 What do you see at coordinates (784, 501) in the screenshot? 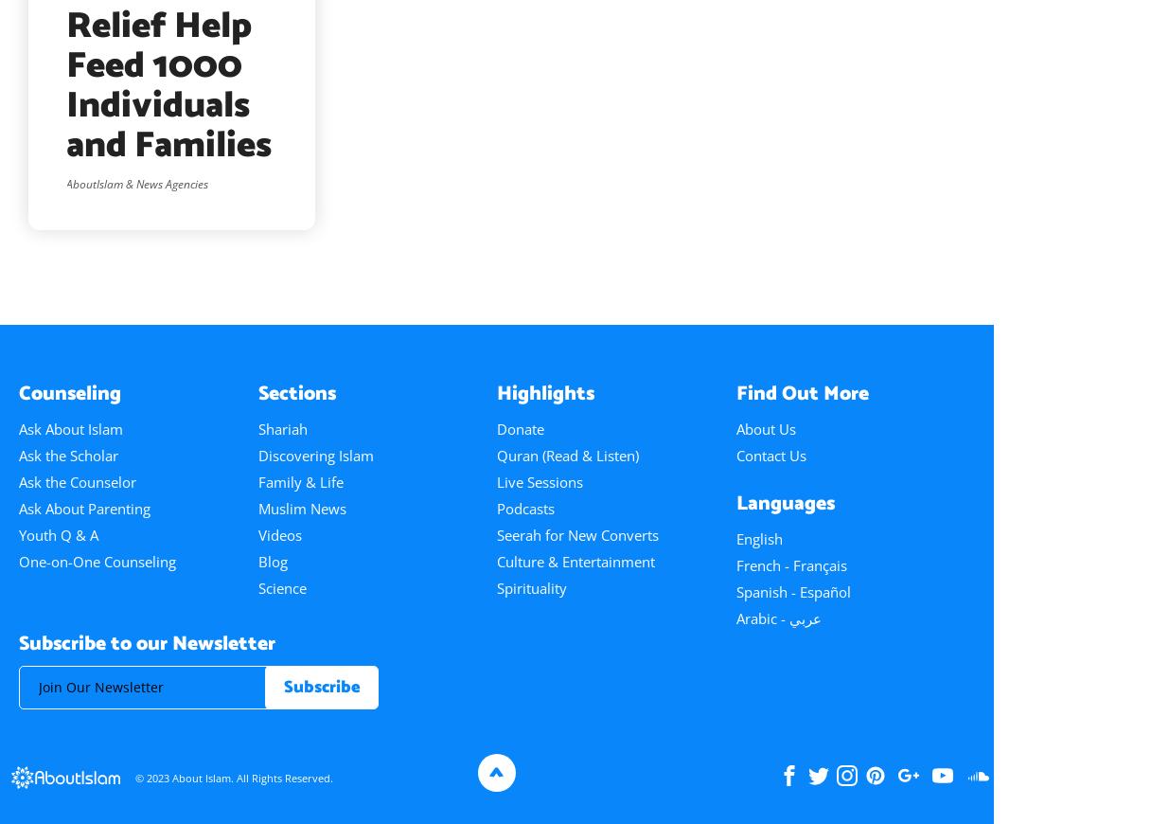
I see `'Languages'` at bounding box center [784, 501].